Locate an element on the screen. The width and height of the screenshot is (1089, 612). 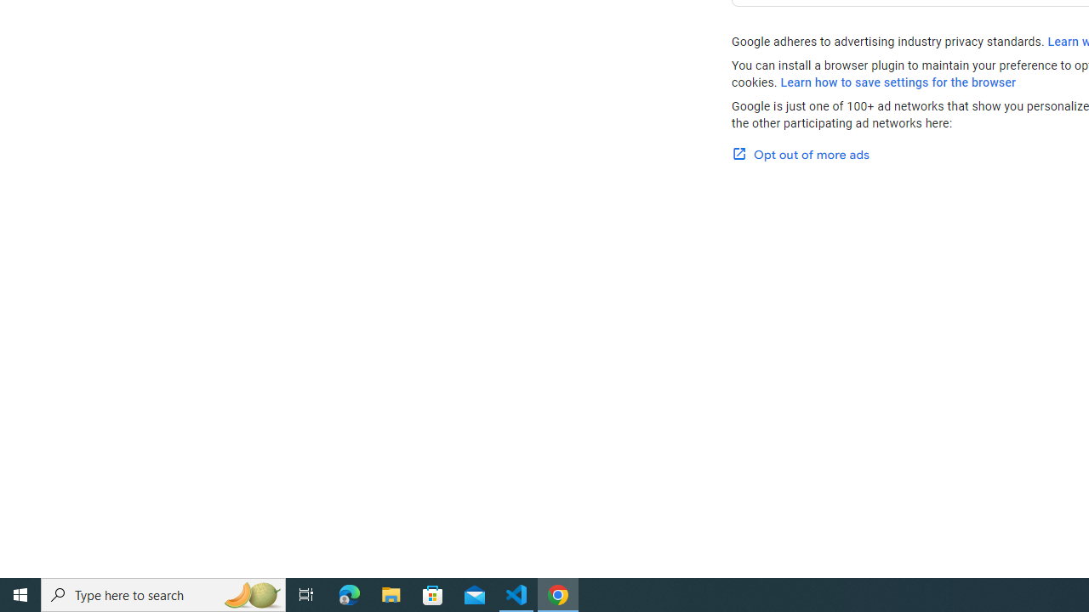
'Learn how to save settings for the browser' is located at coordinates (898, 82).